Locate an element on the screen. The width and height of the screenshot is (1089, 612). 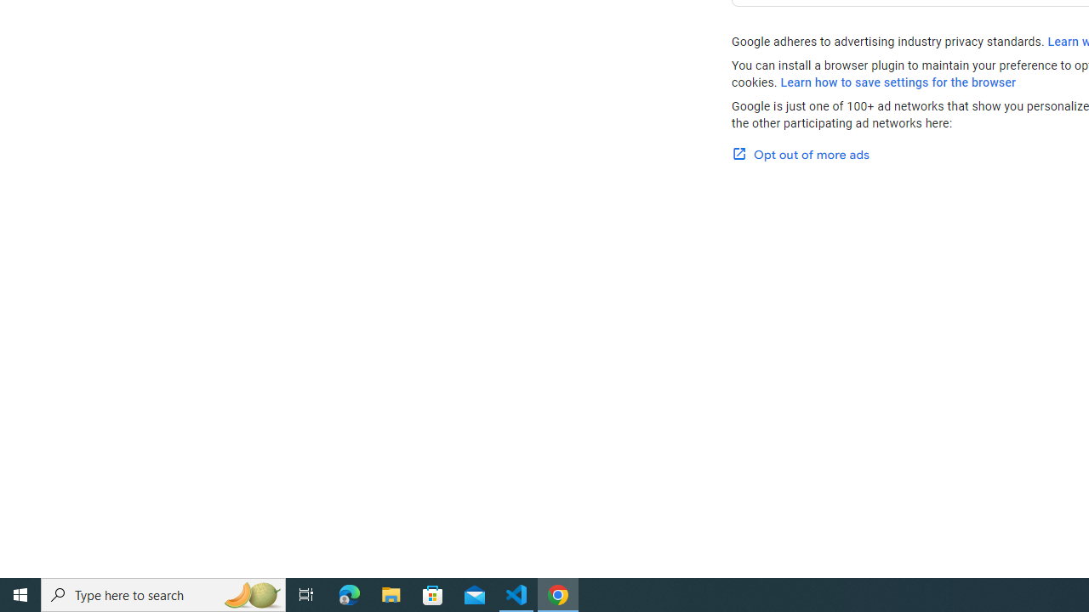
'Learn how to save settings for the browser' is located at coordinates (898, 82).